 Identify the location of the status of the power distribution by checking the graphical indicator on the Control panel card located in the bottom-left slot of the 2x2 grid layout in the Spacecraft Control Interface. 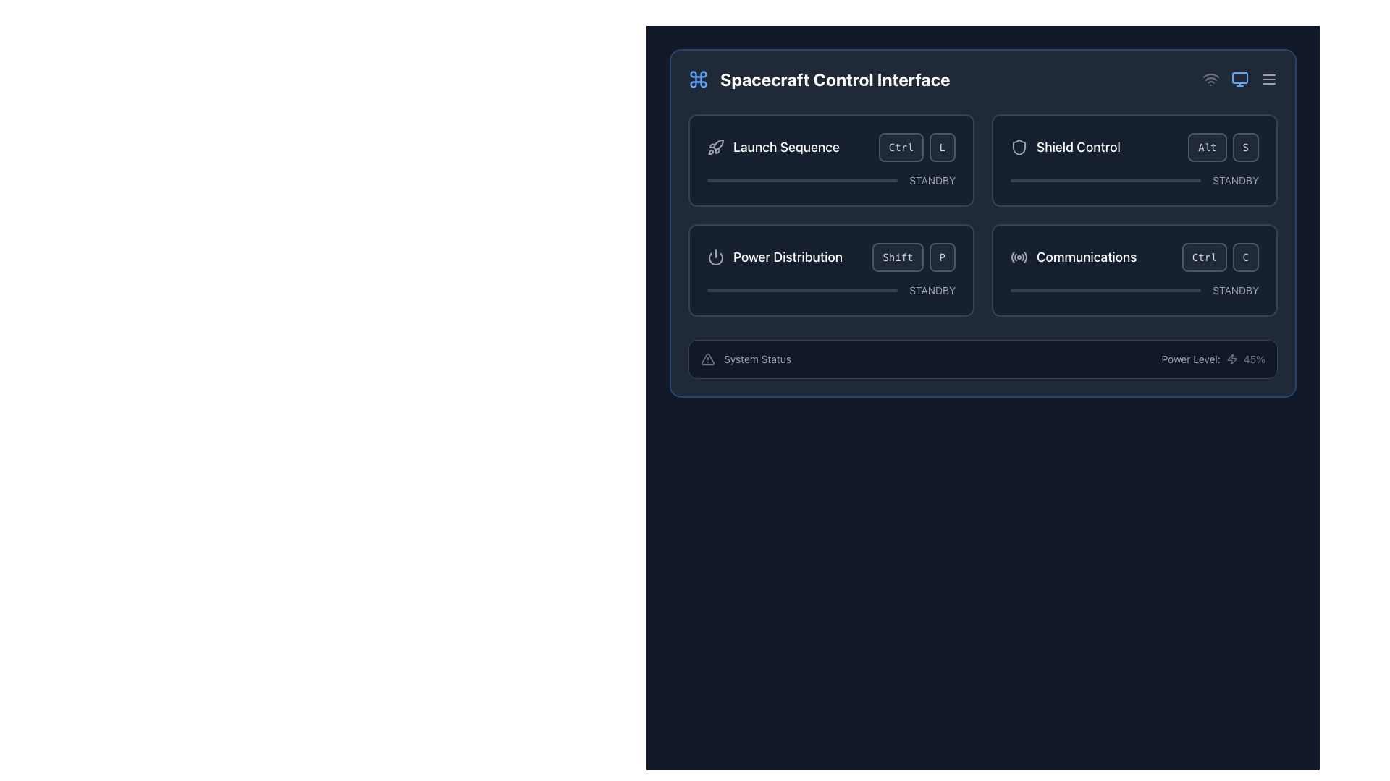
(831, 270).